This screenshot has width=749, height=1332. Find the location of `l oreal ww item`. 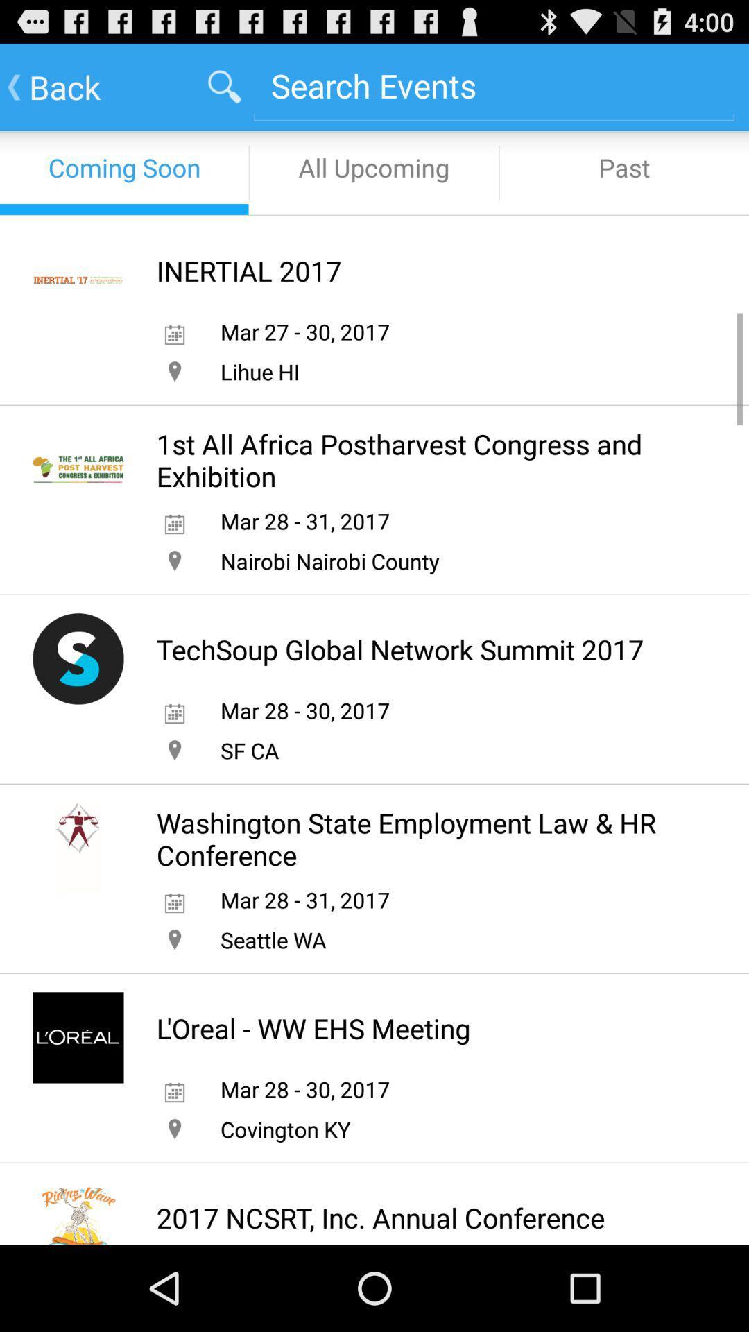

l oreal ww item is located at coordinates (313, 1028).